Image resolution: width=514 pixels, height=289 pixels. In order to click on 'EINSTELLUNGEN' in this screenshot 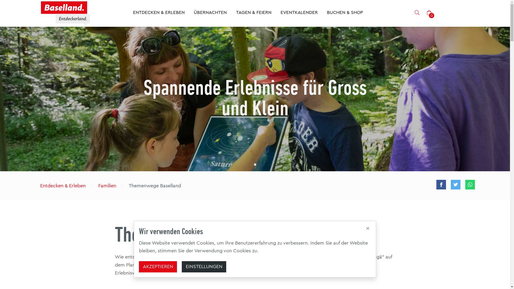, I will do `click(204, 267)`.